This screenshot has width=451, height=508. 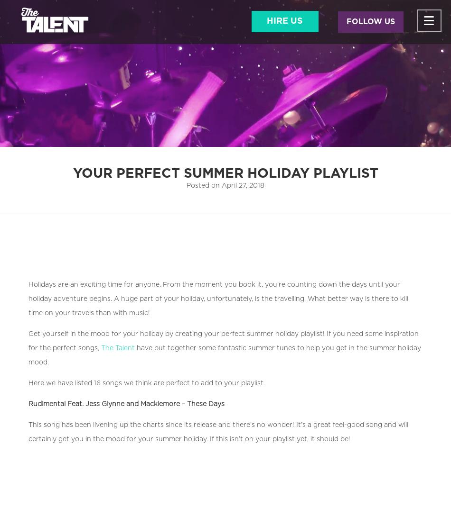 What do you see at coordinates (370, 21) in the screenshot?
I see `'FOLLOW US'` at bounding box center [370, 21].